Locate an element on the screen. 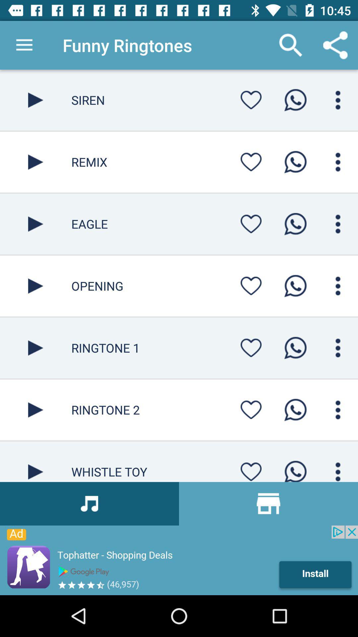 Image resolution: width=358 pixels, height=637 pixels. advertisement area is located at coordinates (179, 560).